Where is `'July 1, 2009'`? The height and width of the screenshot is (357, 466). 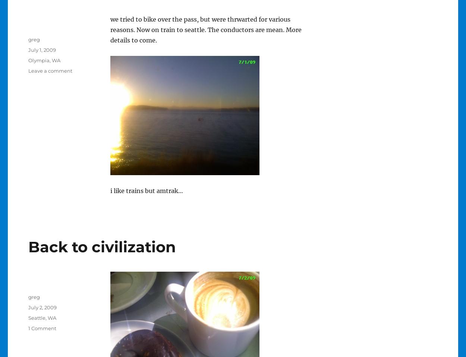
'July 1, 2009' is located at coordinates (28, 50).